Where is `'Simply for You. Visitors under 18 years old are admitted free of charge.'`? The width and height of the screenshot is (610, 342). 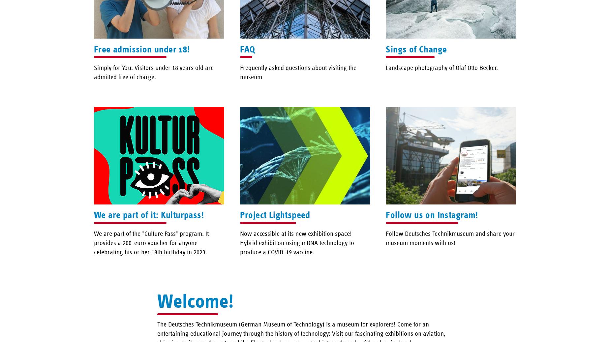 'Simply for You. Visitors under 18 years old are admitted free of charge.' is located at coordinates (154, 72).